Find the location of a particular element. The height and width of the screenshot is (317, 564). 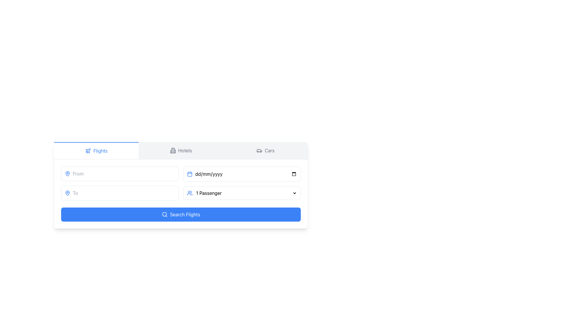

the search icon located to the left of the 'Search Flights' button, which serves to enhance the search functionality visually is located at coordinates (164, 215).